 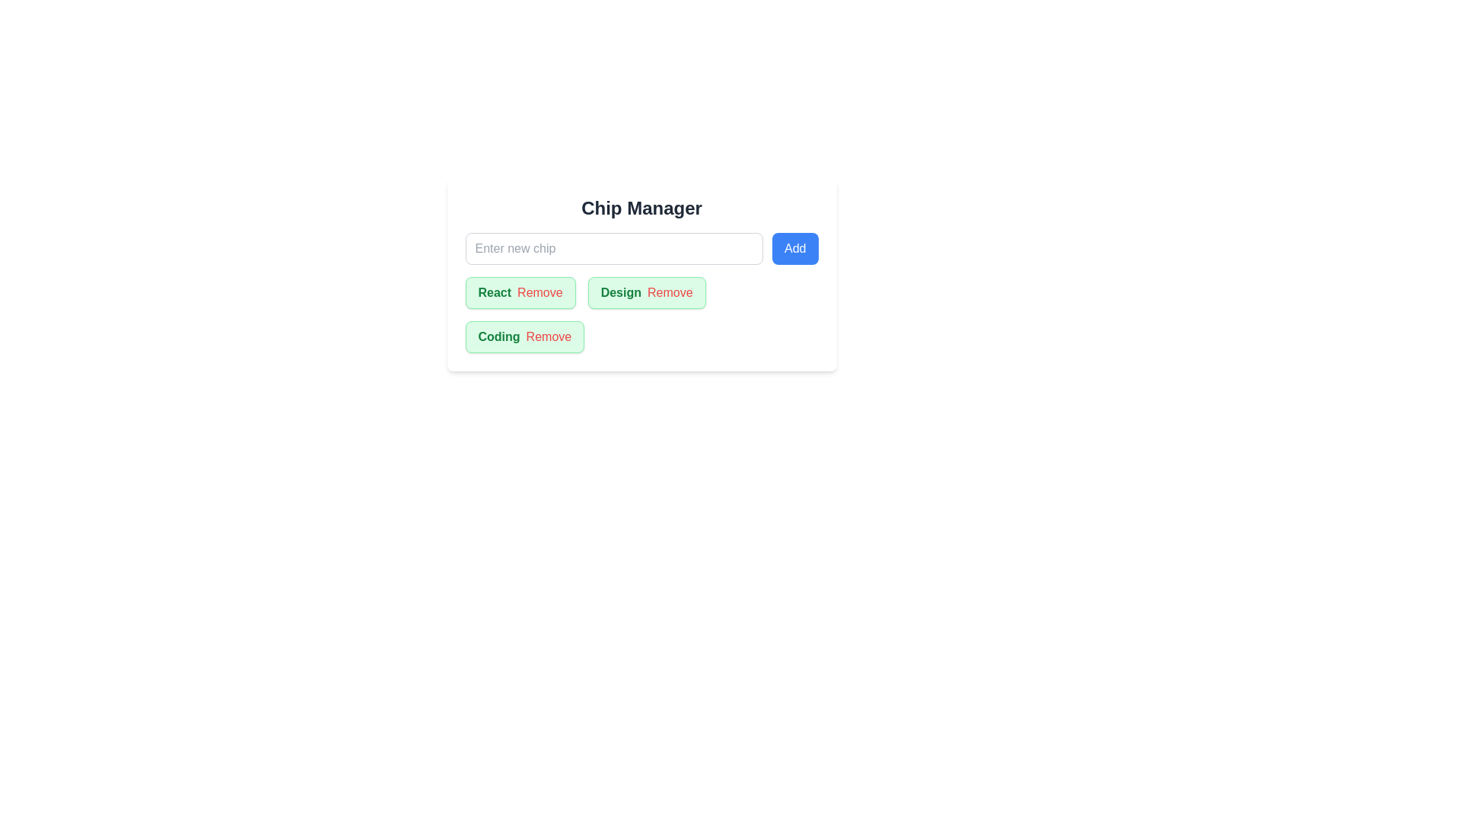 I want to click on 'Remove' button of the chip labeled React, so click(x=540, y=293).